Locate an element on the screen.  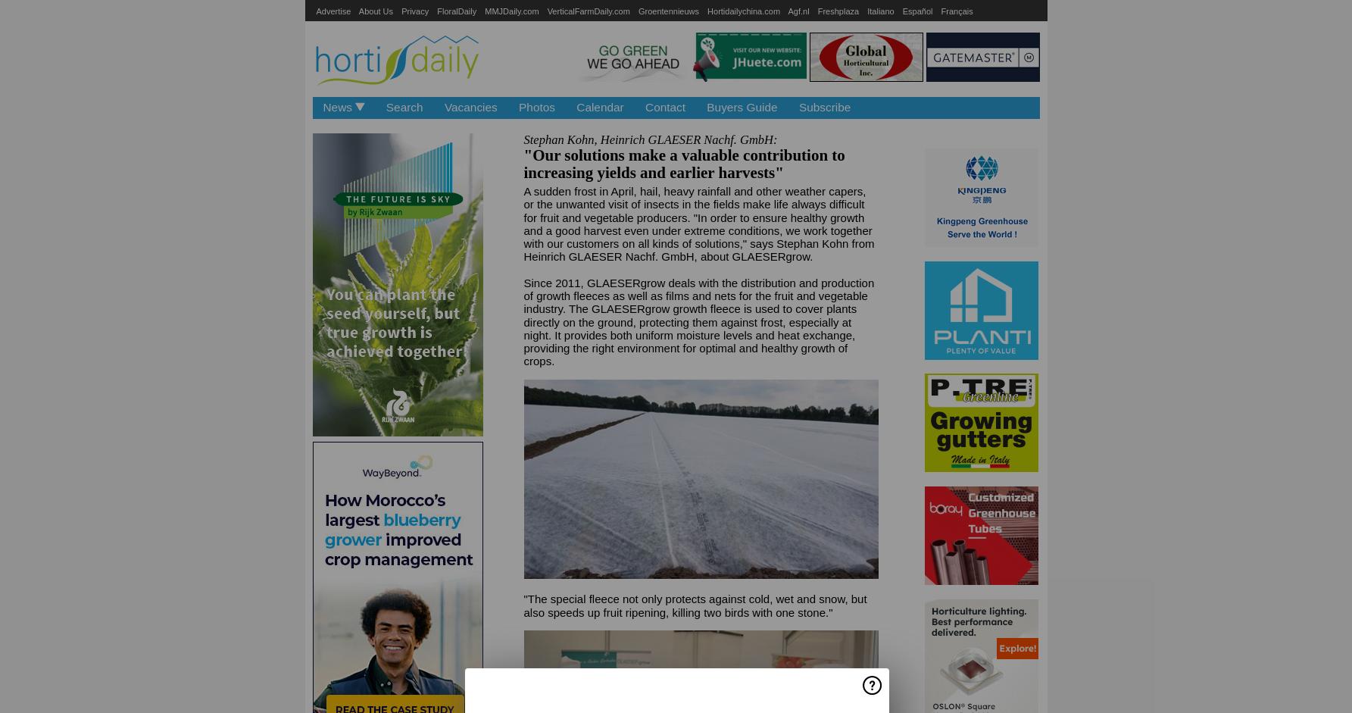
'Calendar' is located at coordinates (600, 106).